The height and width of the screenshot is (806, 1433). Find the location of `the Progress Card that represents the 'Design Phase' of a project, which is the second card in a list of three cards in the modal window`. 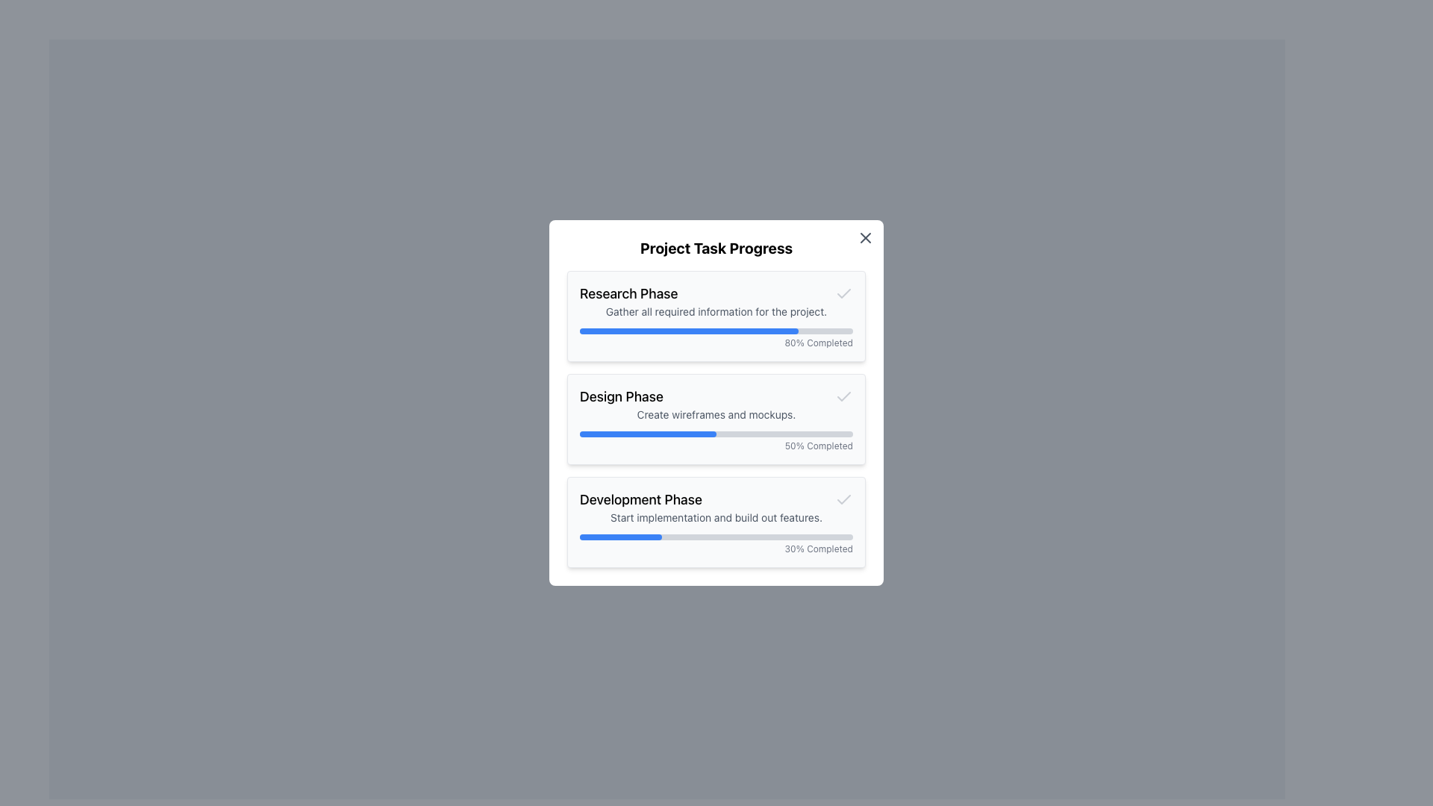

the Progress Card that represents the 'Design Phase' of a project, which is the second card in a list of three cards in the modal window is located at coordinates (716, 419).